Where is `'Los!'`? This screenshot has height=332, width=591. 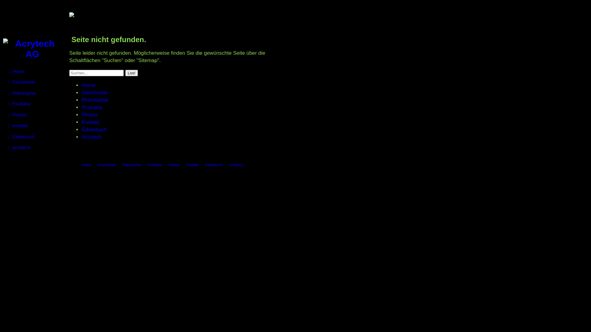 'Los!' is located at coordinates (131, 73).